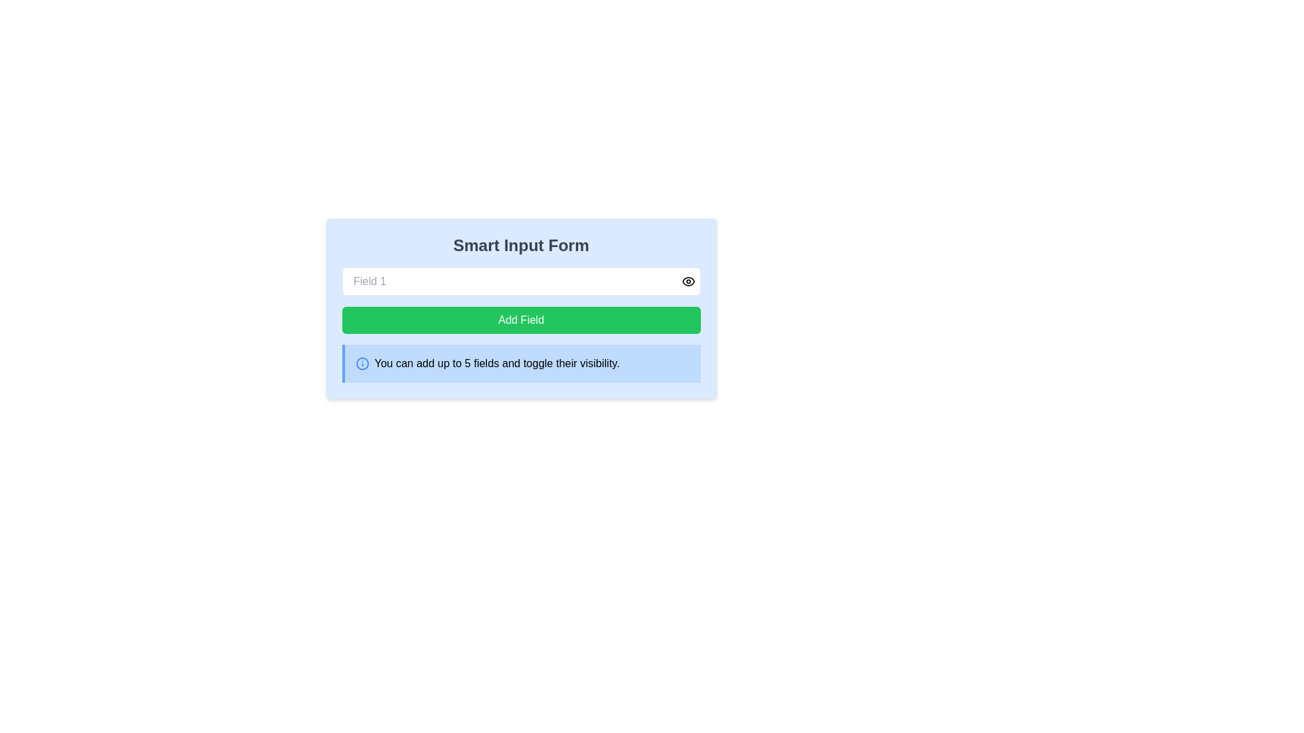 The image size is (1304, 733). I want to click on the small circular button with an eye icon, located to the far right of the input field labeled 'Field 1', so click(688, 281).